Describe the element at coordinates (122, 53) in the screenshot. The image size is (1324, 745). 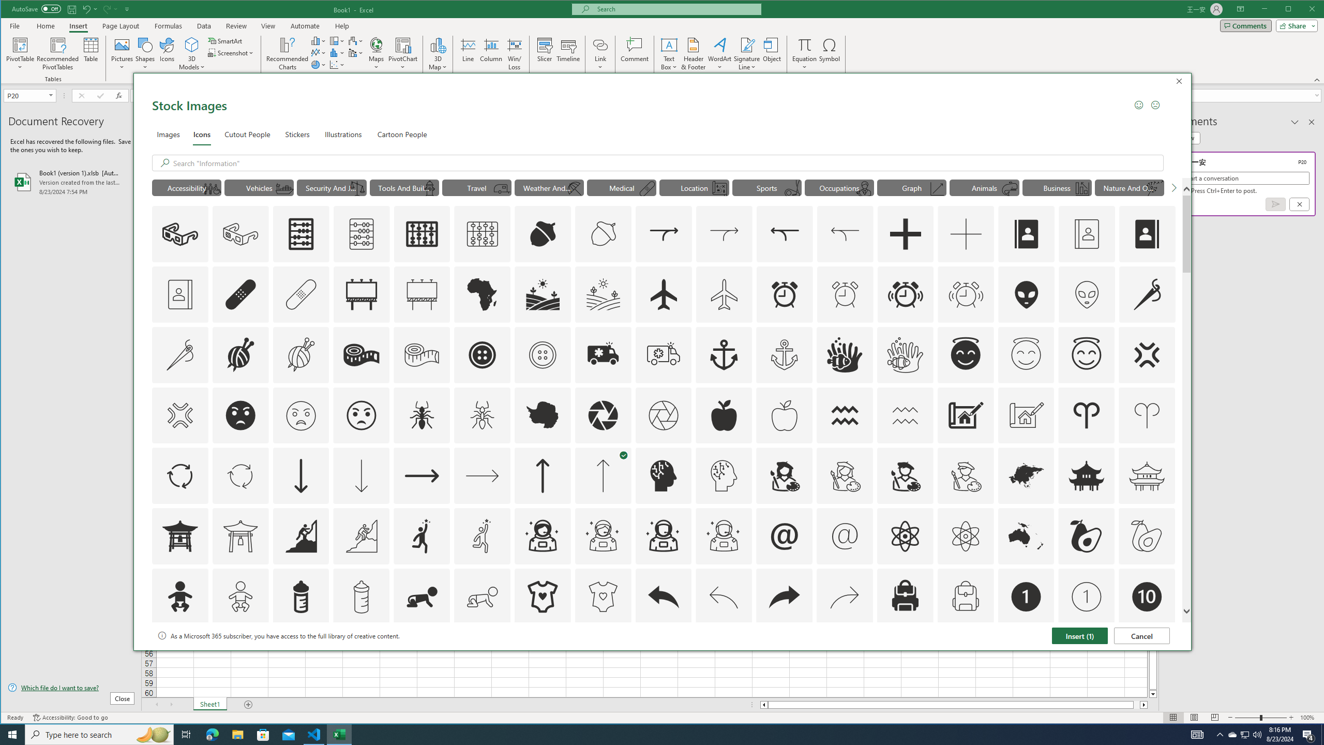
I see `'Pictures'` at that location.